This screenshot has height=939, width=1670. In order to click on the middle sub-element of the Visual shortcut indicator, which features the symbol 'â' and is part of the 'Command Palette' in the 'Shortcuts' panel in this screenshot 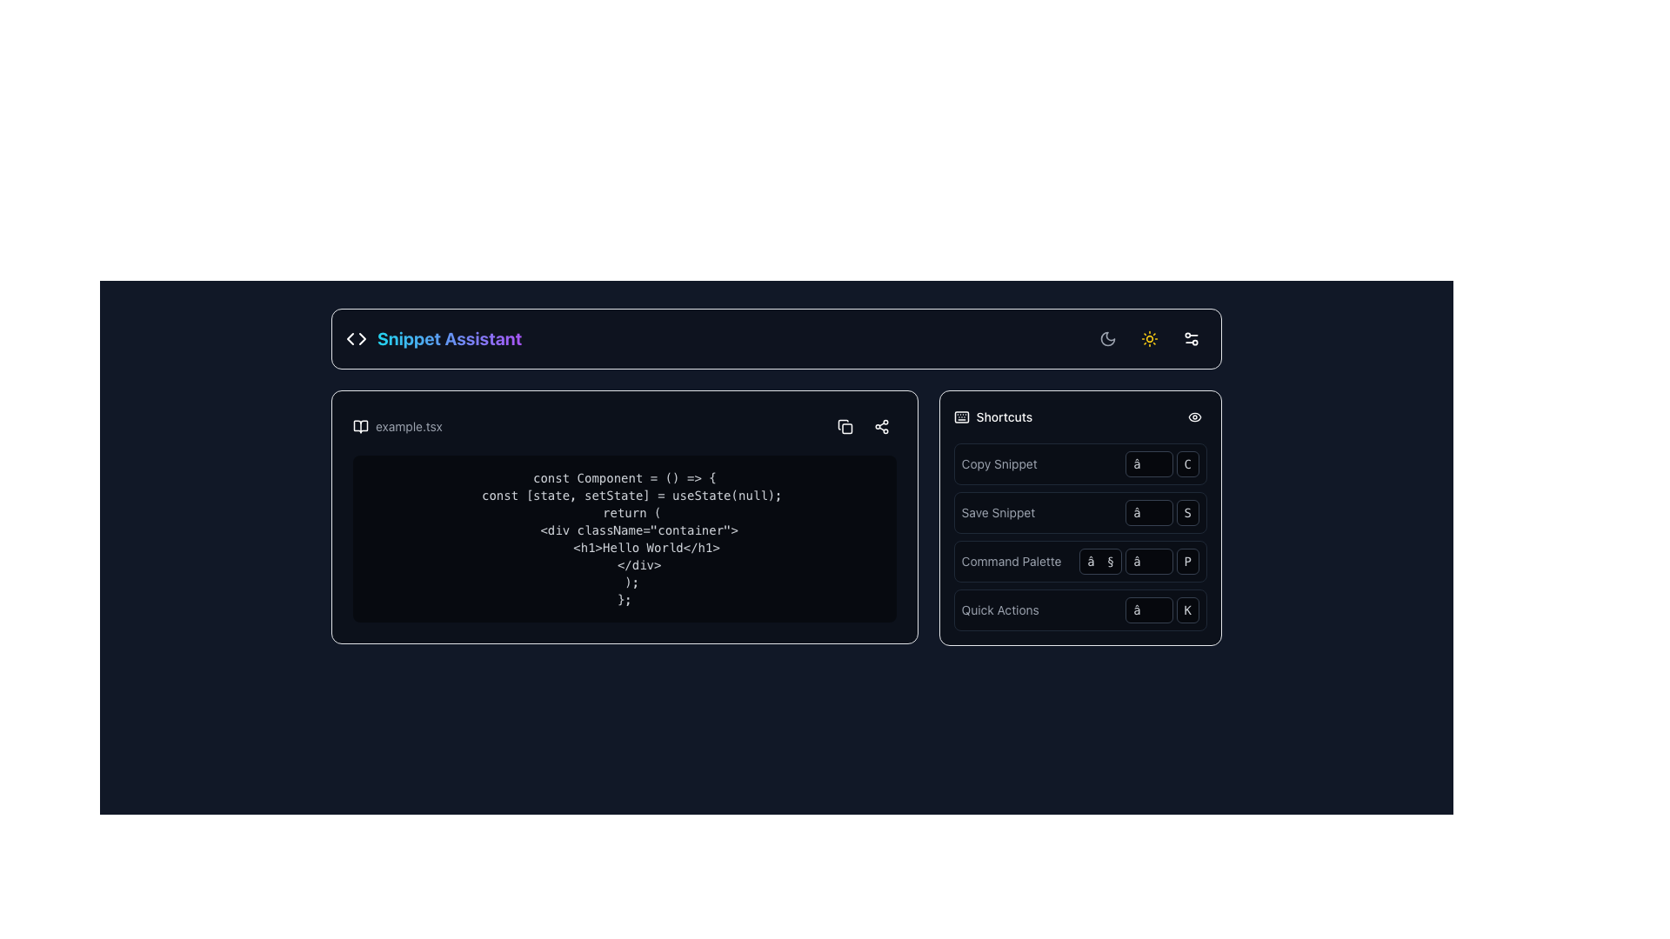, I will do `click(1139, 561)`.